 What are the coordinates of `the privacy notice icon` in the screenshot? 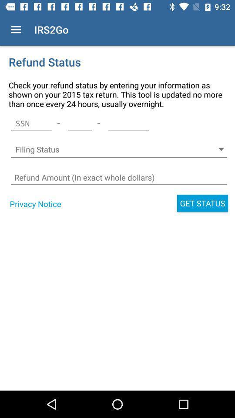 It's located at (35, 204).